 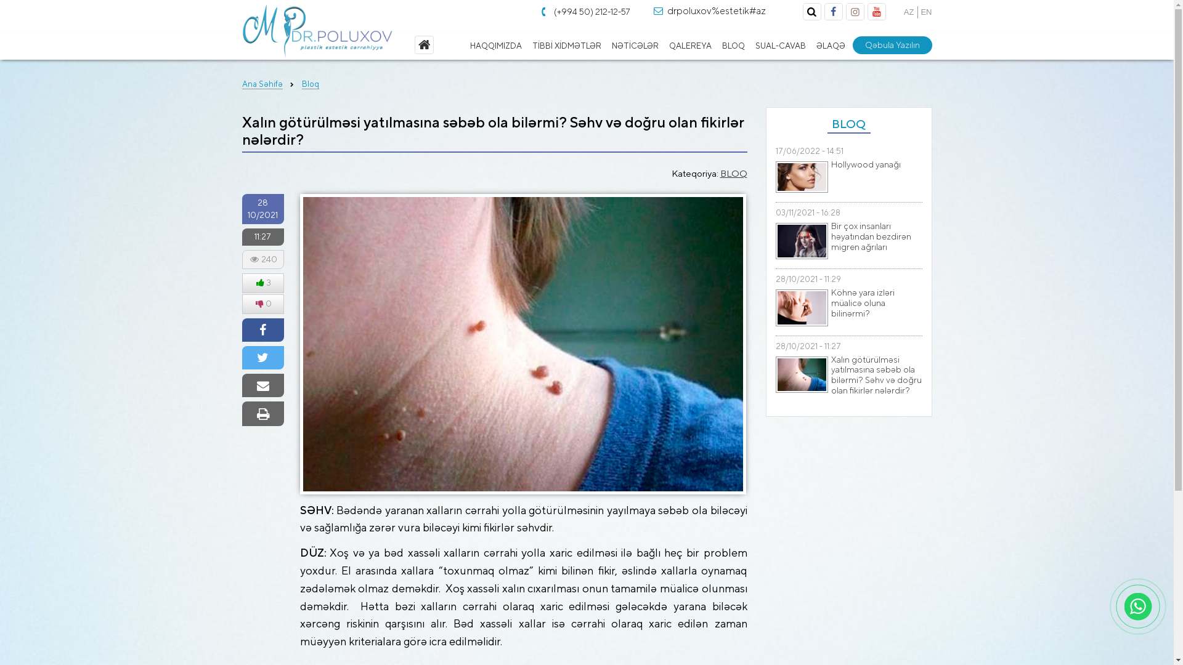 What do you see at coordinates (689, 45) in the screenshot?
I see `'QALEREYA'` at bounding box center [689, 45].